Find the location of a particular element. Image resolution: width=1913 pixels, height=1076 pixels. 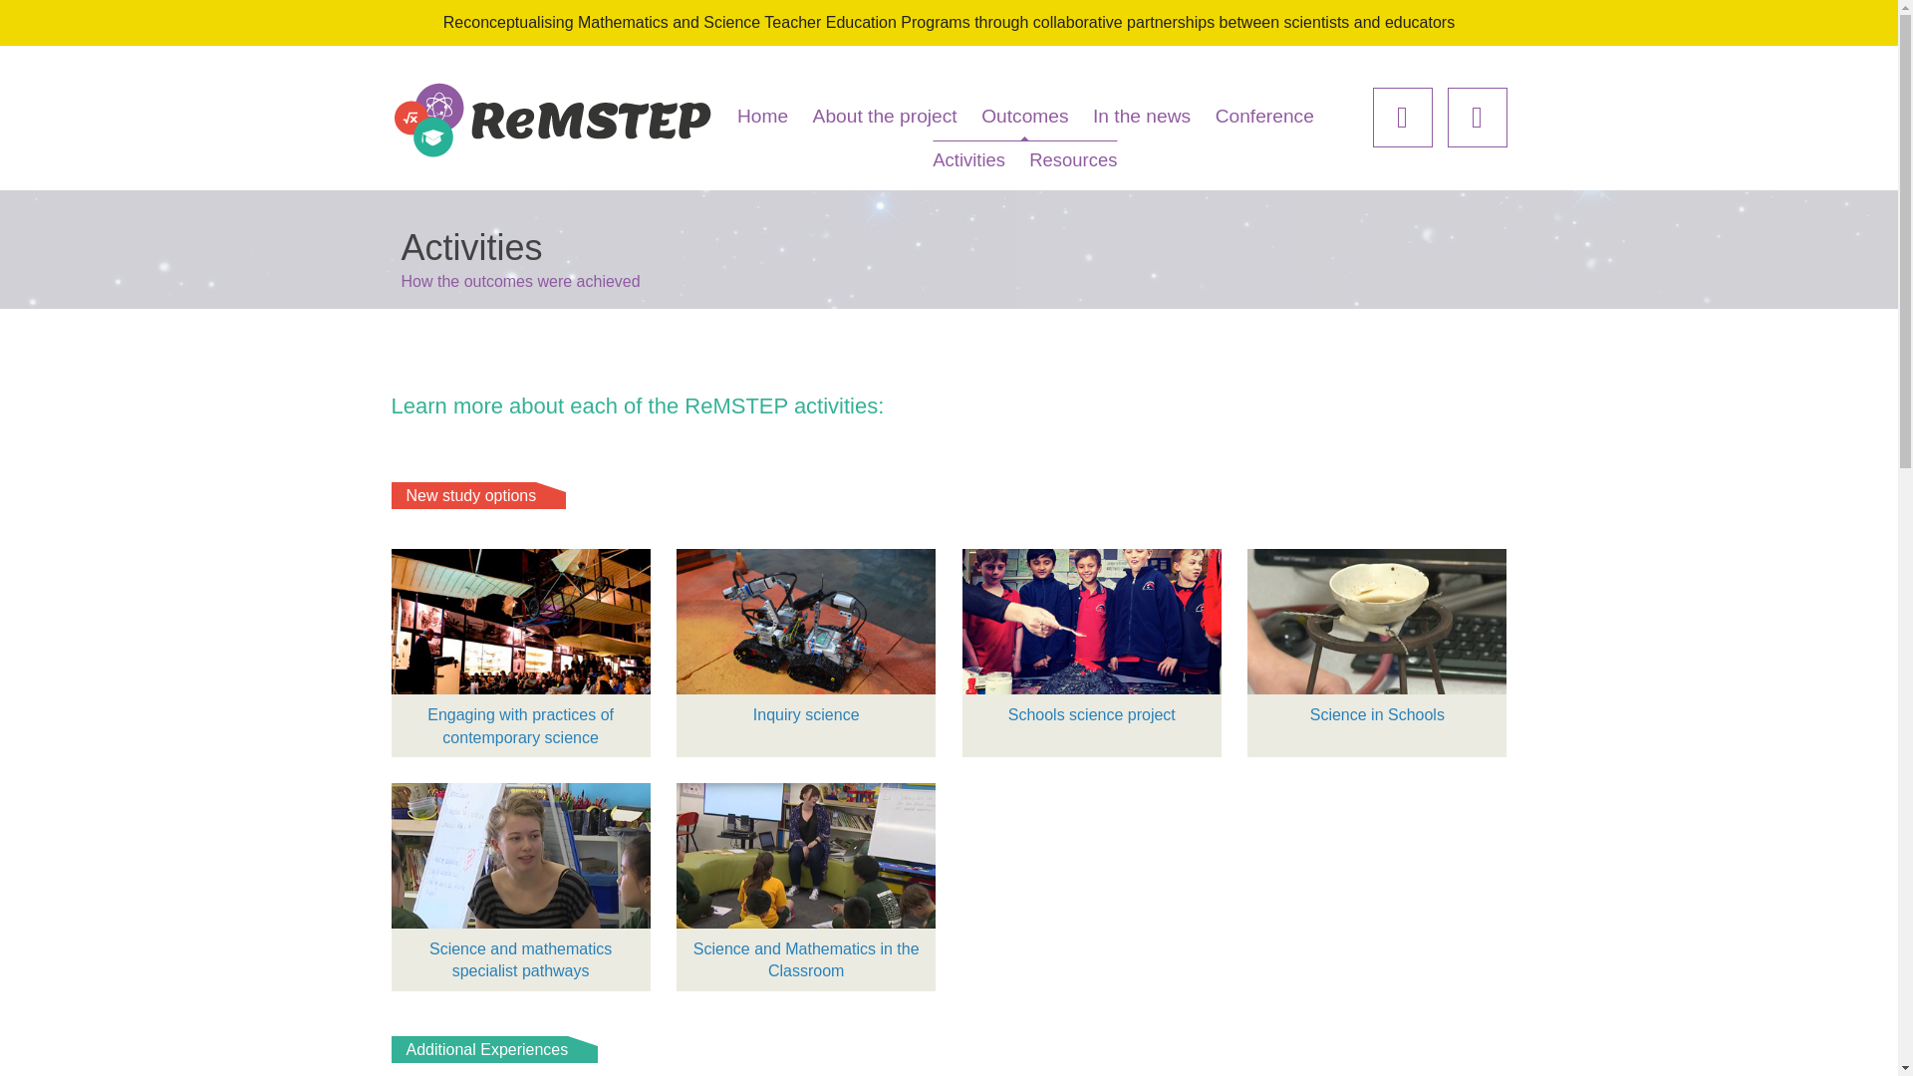

'Conference' is located at coordinates (1263, 116).